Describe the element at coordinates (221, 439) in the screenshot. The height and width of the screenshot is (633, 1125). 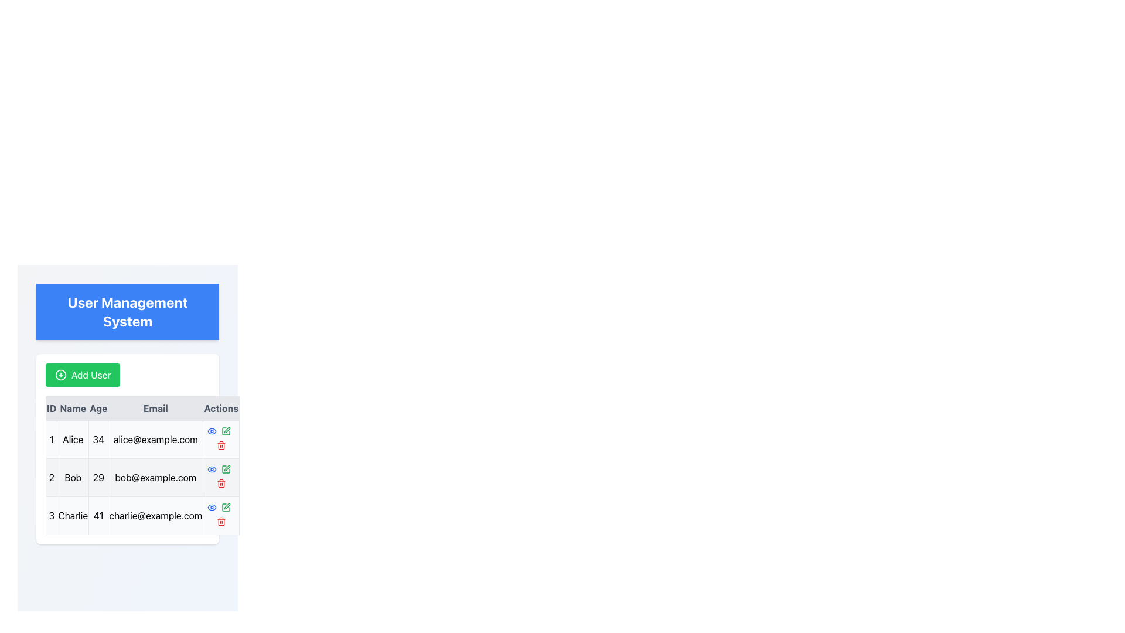
I see `the delete button for user 'Alice' in the Actions column of the user management table` at that location.